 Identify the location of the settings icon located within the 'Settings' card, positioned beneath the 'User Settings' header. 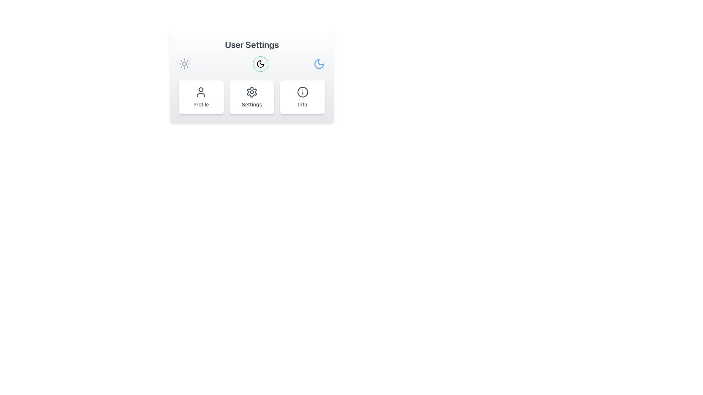
(252, 91).